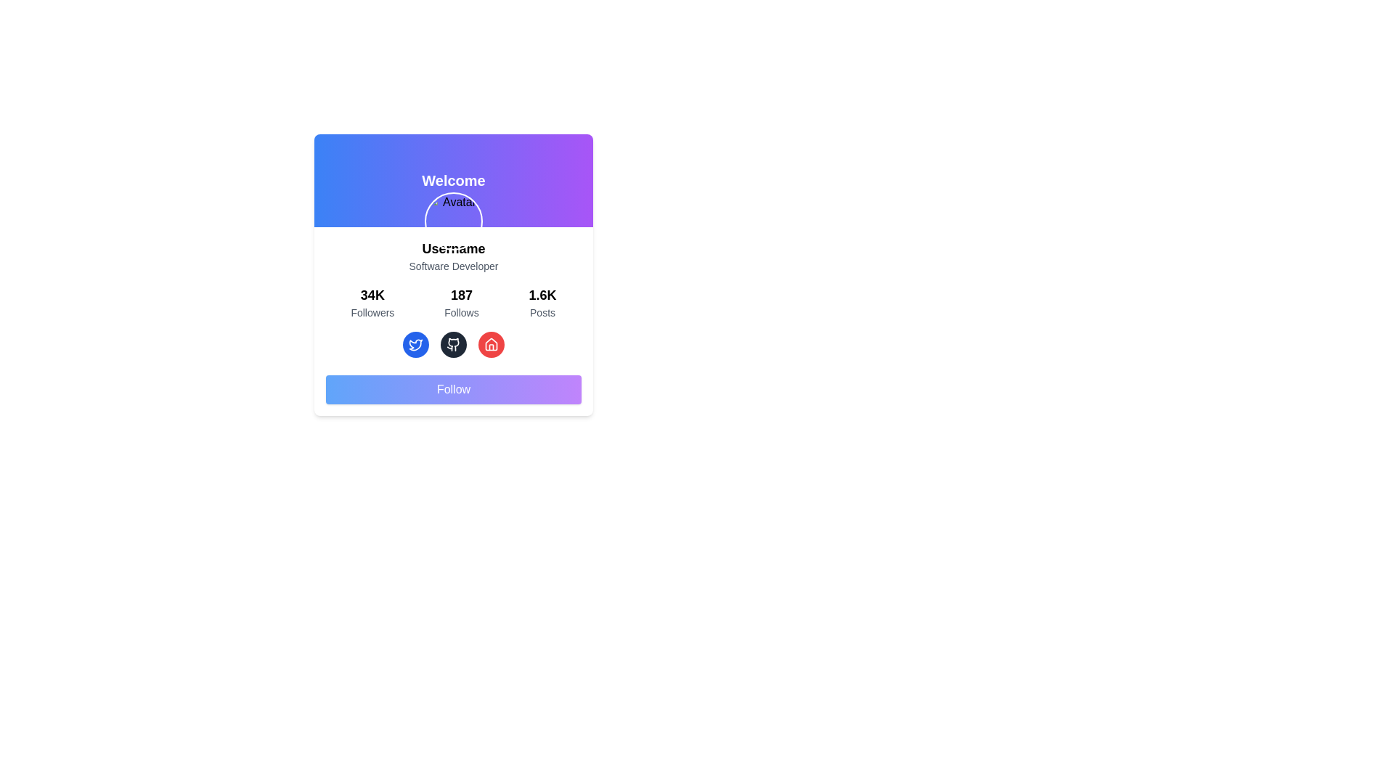 The width and height of the screenshot is (1394, 784). I want to click on the Text Label displaying 'Software Developer', which is styled in gray and located below the username on the user profile card, so click(452, 266).